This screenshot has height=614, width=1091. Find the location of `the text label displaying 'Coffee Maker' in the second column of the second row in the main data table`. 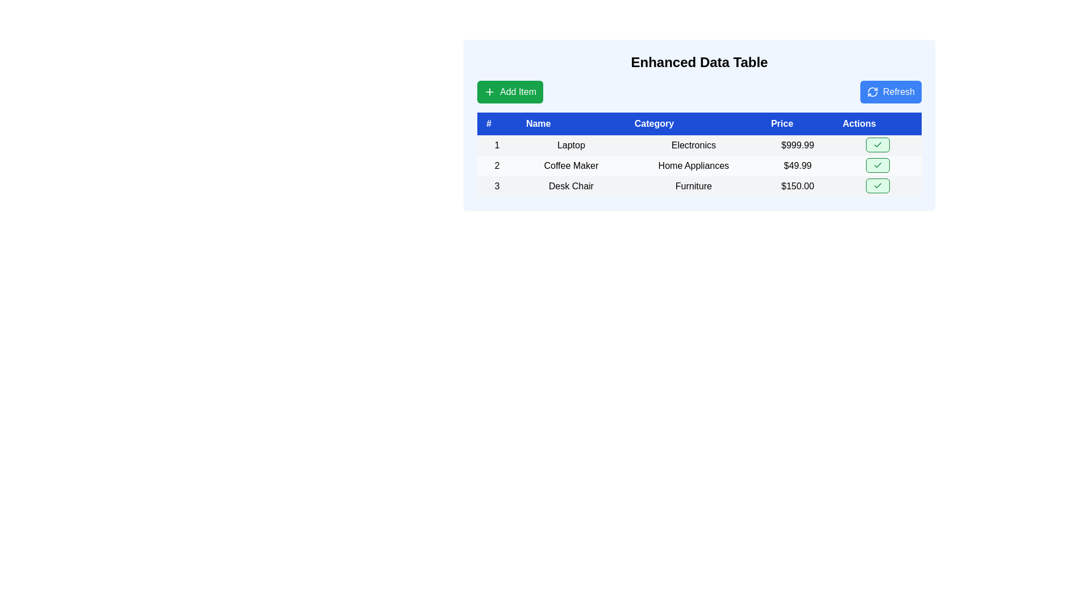

the text label displaying 'Coffee Maker' in the second column of the second row in the main data table is located at coordinates (571, 166).